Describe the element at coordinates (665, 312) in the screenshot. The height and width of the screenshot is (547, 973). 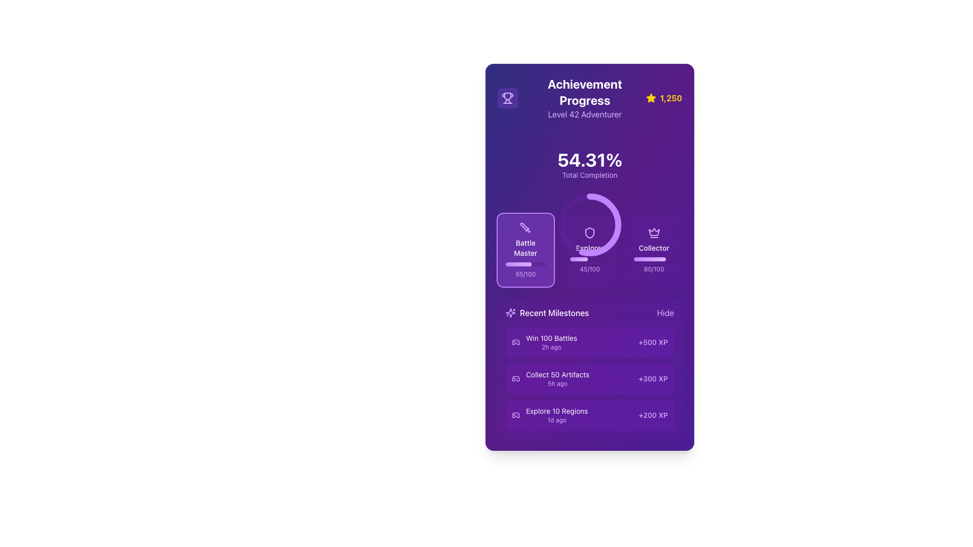
I see `the 'Hide' text label in the 'Recent Milestones' section to hide the section` at that location.